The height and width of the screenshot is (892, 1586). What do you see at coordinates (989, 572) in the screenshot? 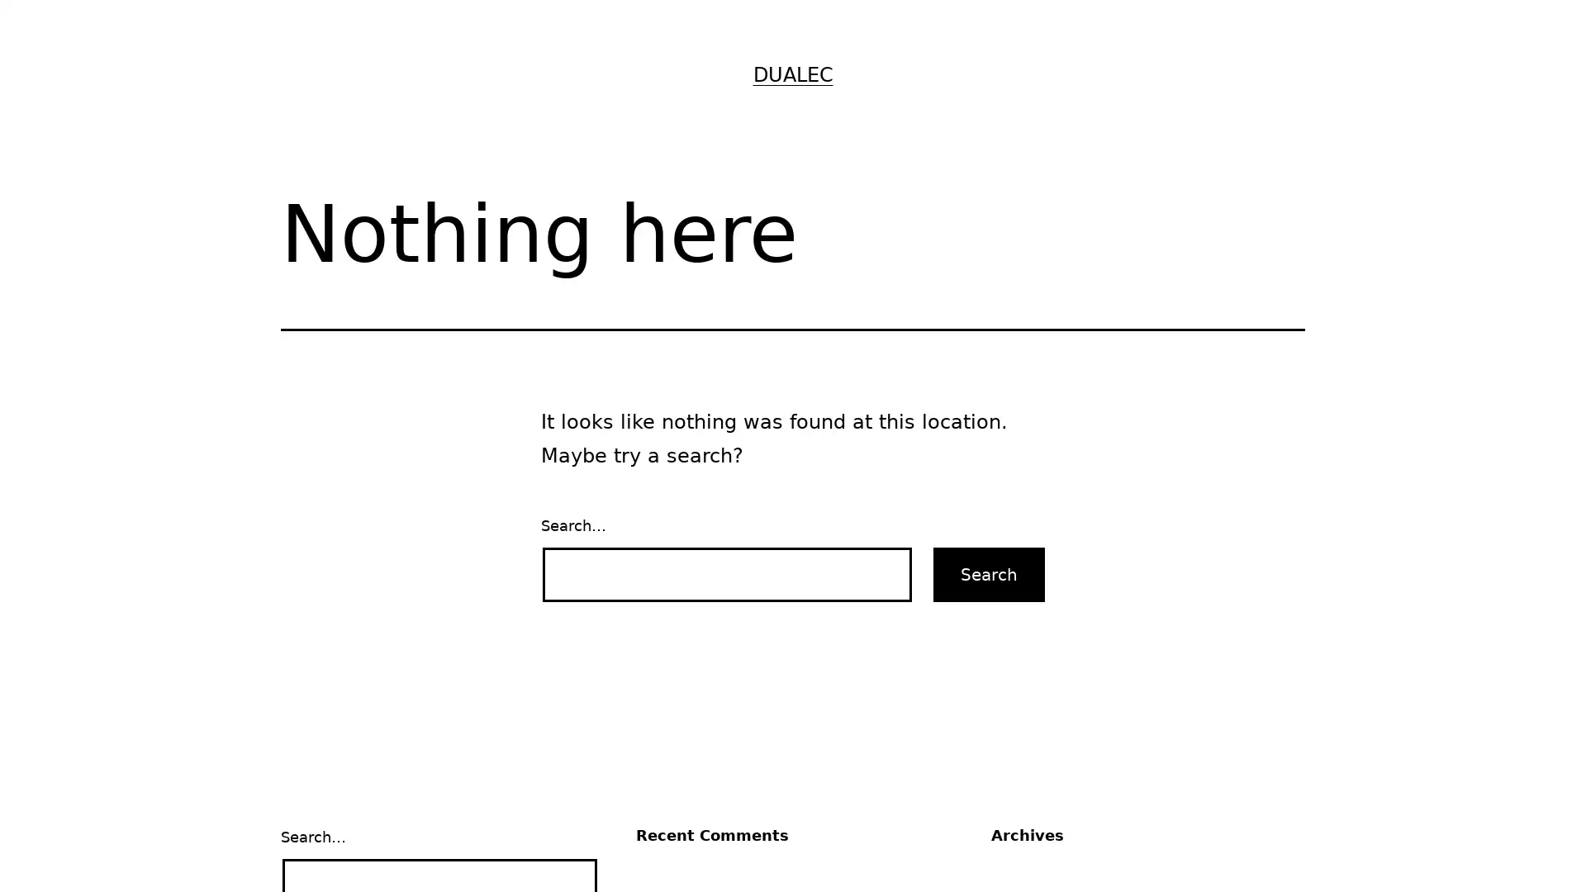
I see `Search` at bounding box center [989, 572].